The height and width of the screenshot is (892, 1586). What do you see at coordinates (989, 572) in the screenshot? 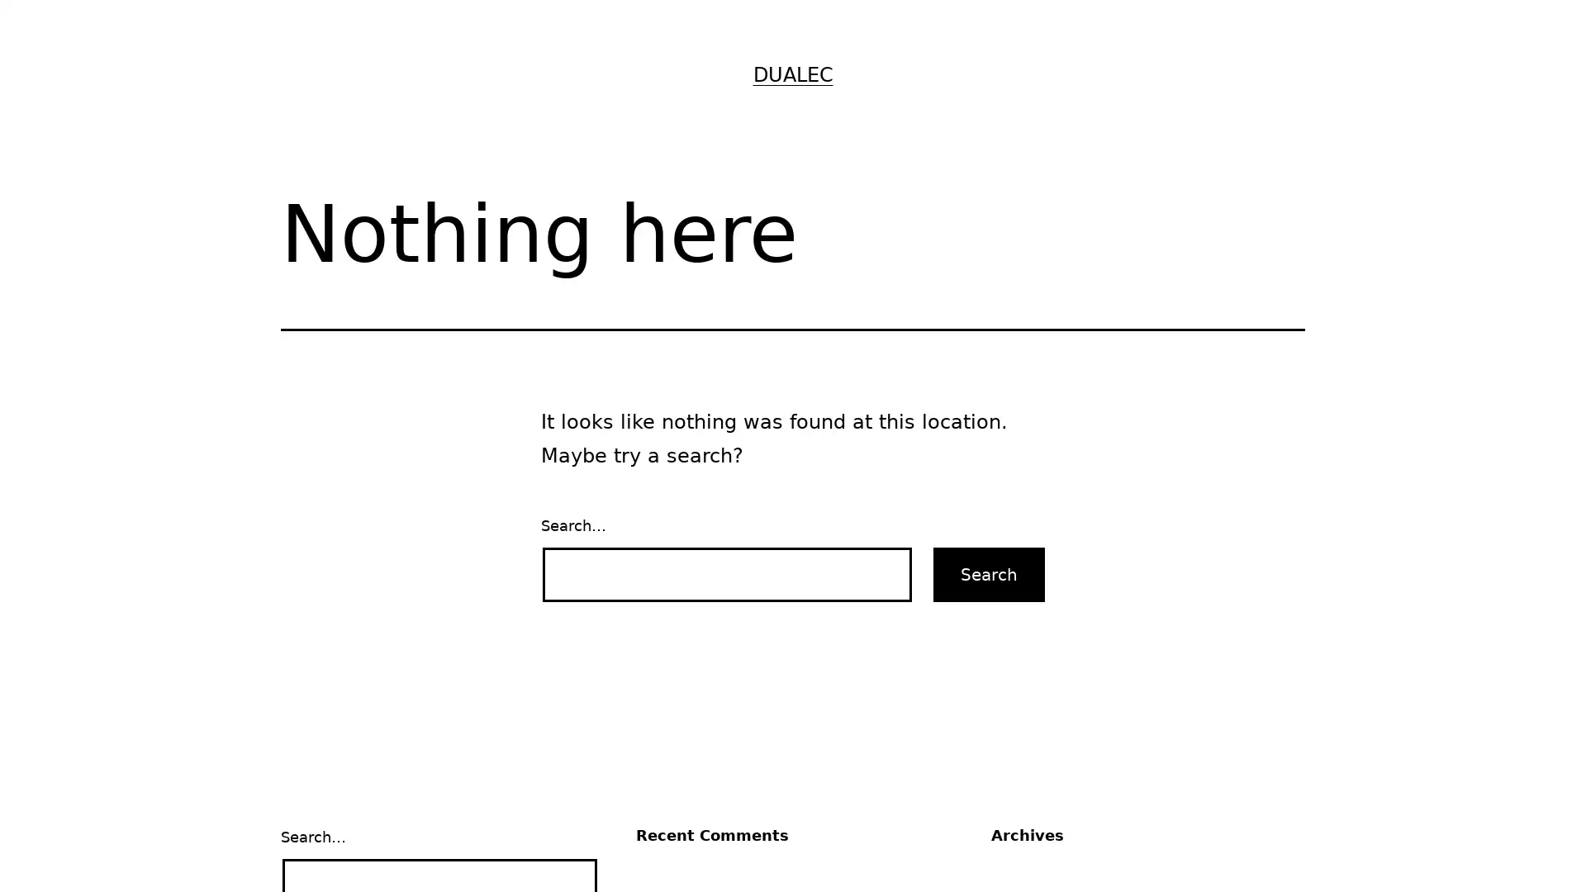
I see `Search` at bounding box center [989, 572].